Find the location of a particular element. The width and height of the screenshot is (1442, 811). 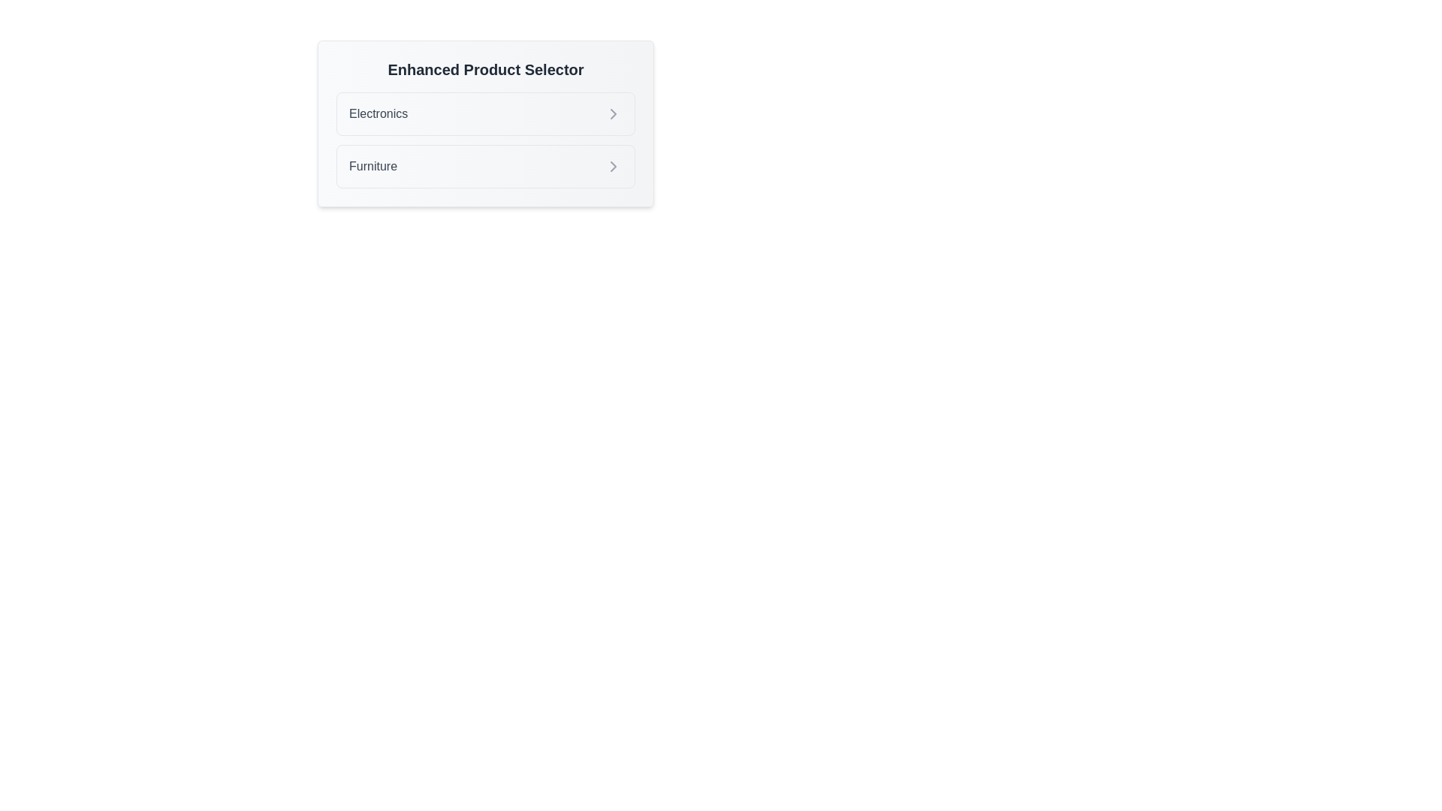

the first interactive list item labeled 'Electronics' with a light gray border and a white background is located at coordinates (486, 113).